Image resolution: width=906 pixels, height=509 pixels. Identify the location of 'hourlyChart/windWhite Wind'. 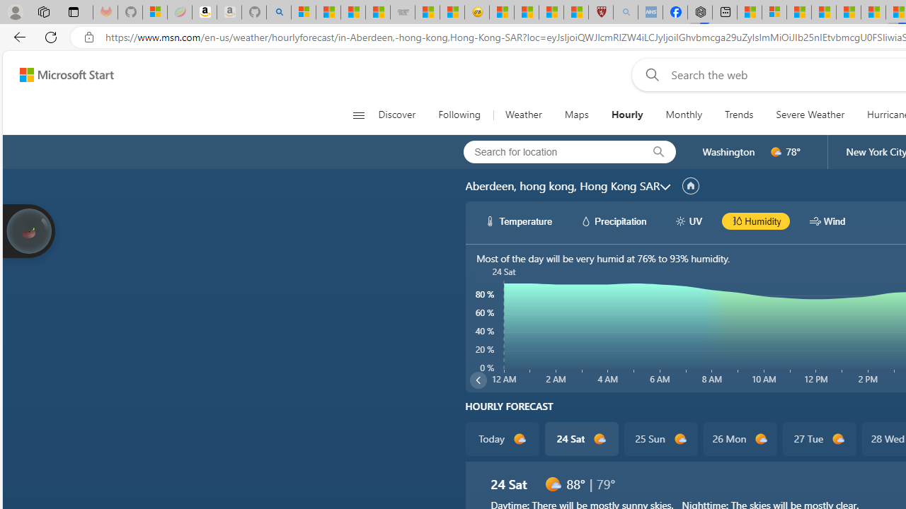
(827, 221).